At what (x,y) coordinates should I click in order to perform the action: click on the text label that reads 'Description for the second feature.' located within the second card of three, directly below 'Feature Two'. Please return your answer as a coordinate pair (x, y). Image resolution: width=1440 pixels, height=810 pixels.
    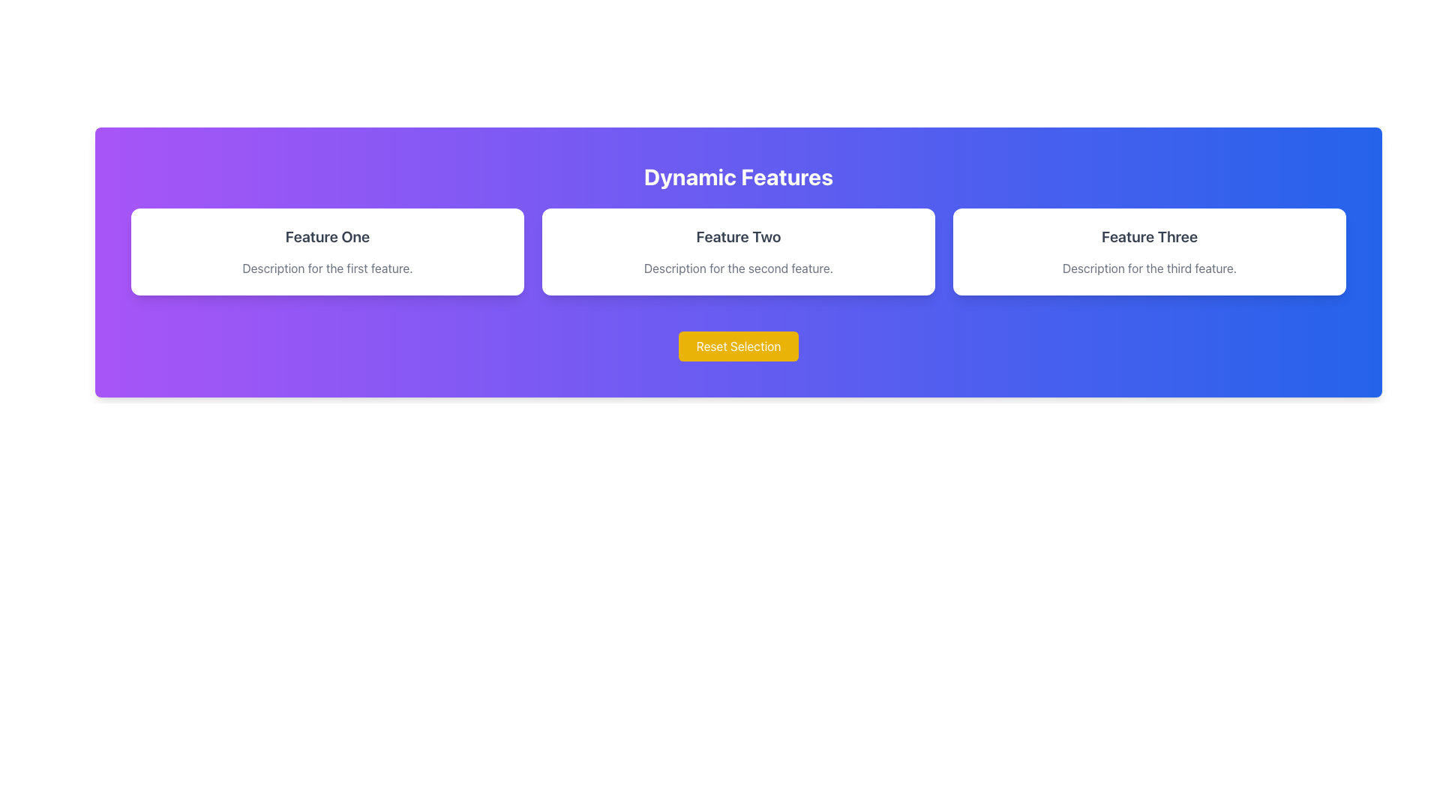
    Looking at the image, I should click on (738, 268).